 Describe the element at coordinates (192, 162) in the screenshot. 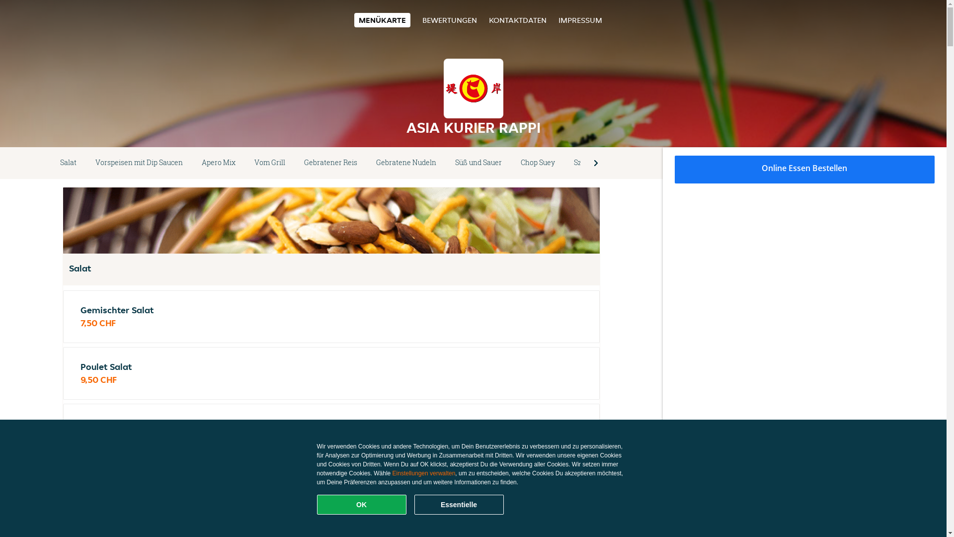

I see `'Apero Mix'` at that location.